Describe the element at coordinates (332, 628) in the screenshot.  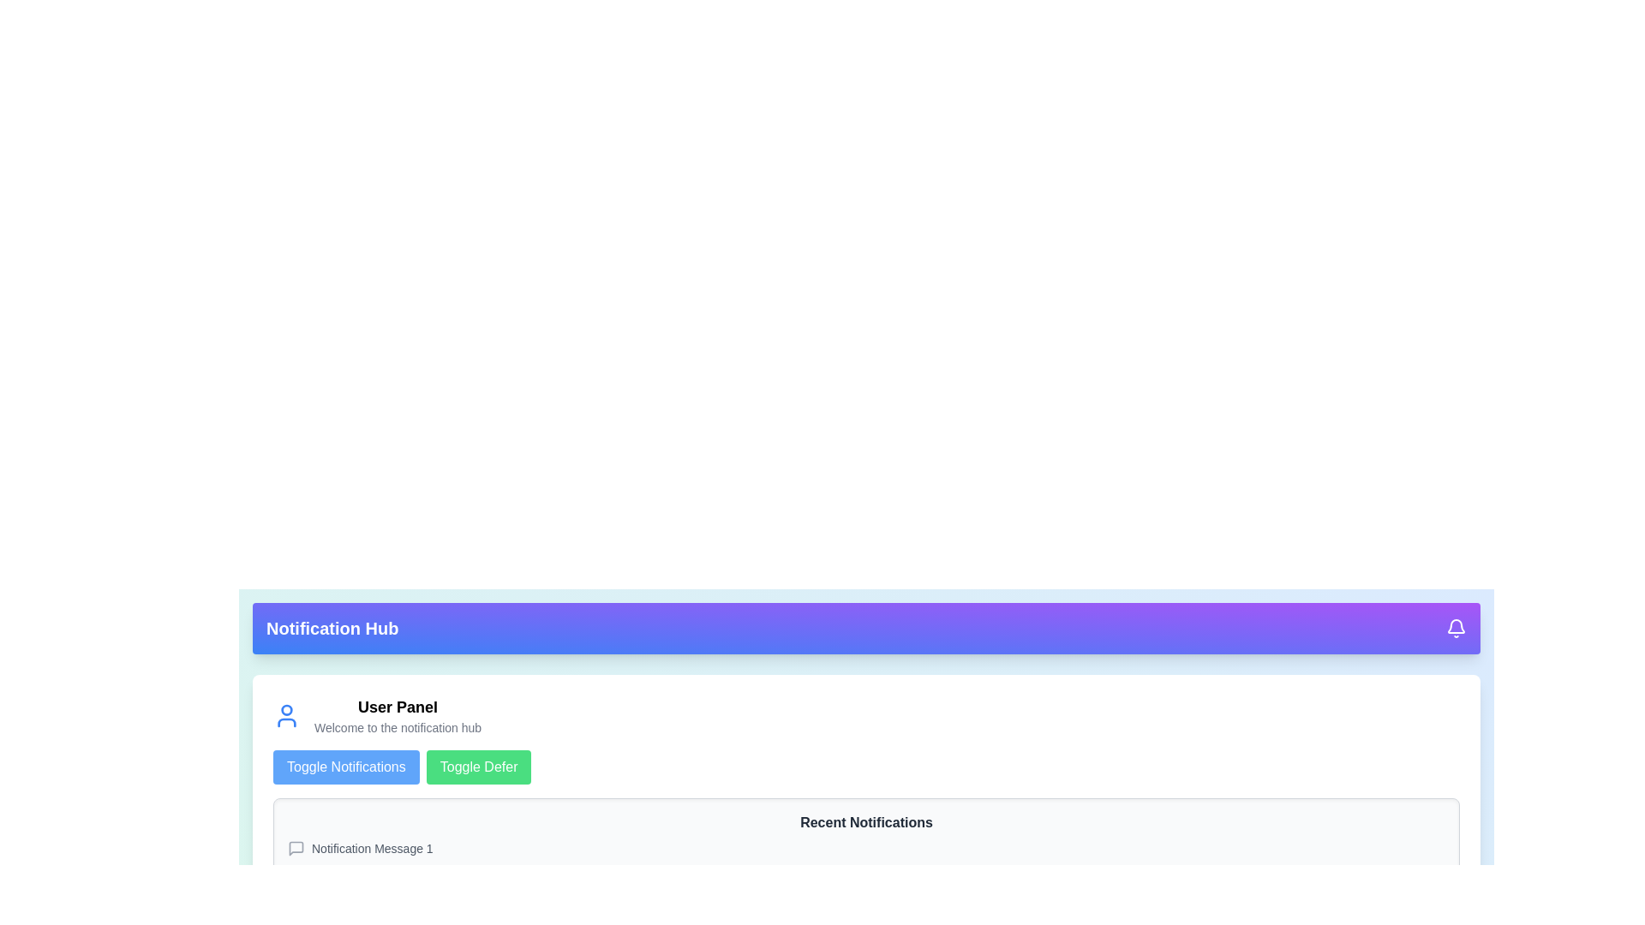
I see `the static text element located in the header section, which serves as the title for the notifications page` at that location.